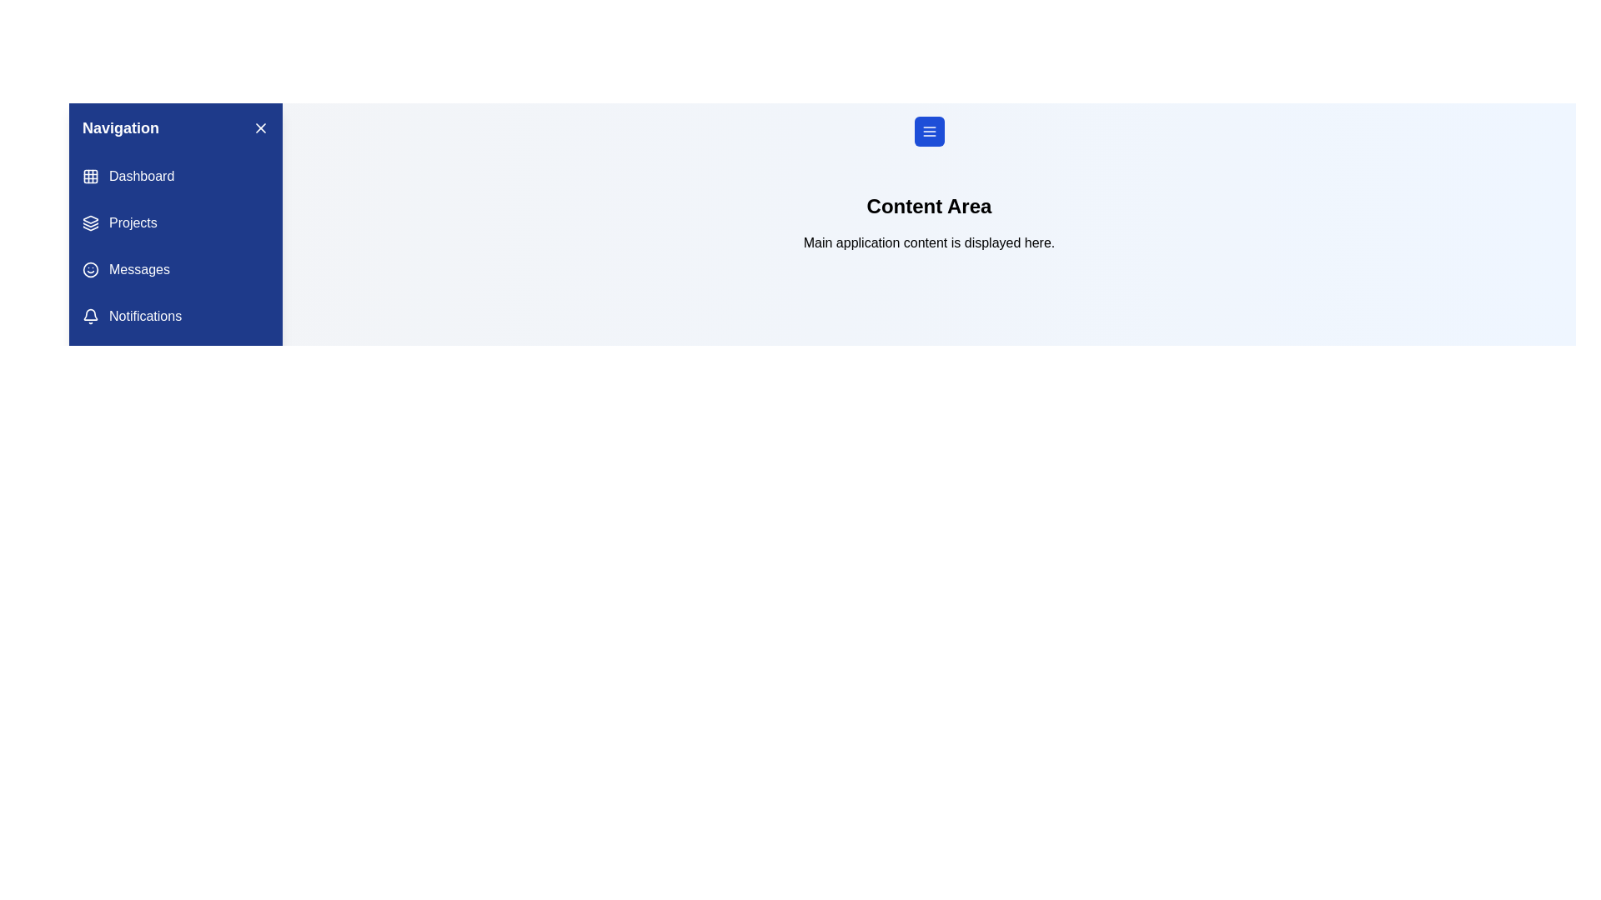  Describe the element at coordinates (176, 222) in the screenshot. I see `the navigation menu item labeled Projects` at that location.